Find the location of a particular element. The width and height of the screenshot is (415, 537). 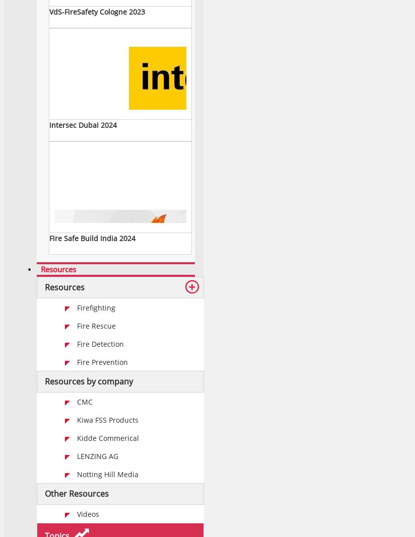

'Firefighting' is located at coordinates (96, 308).